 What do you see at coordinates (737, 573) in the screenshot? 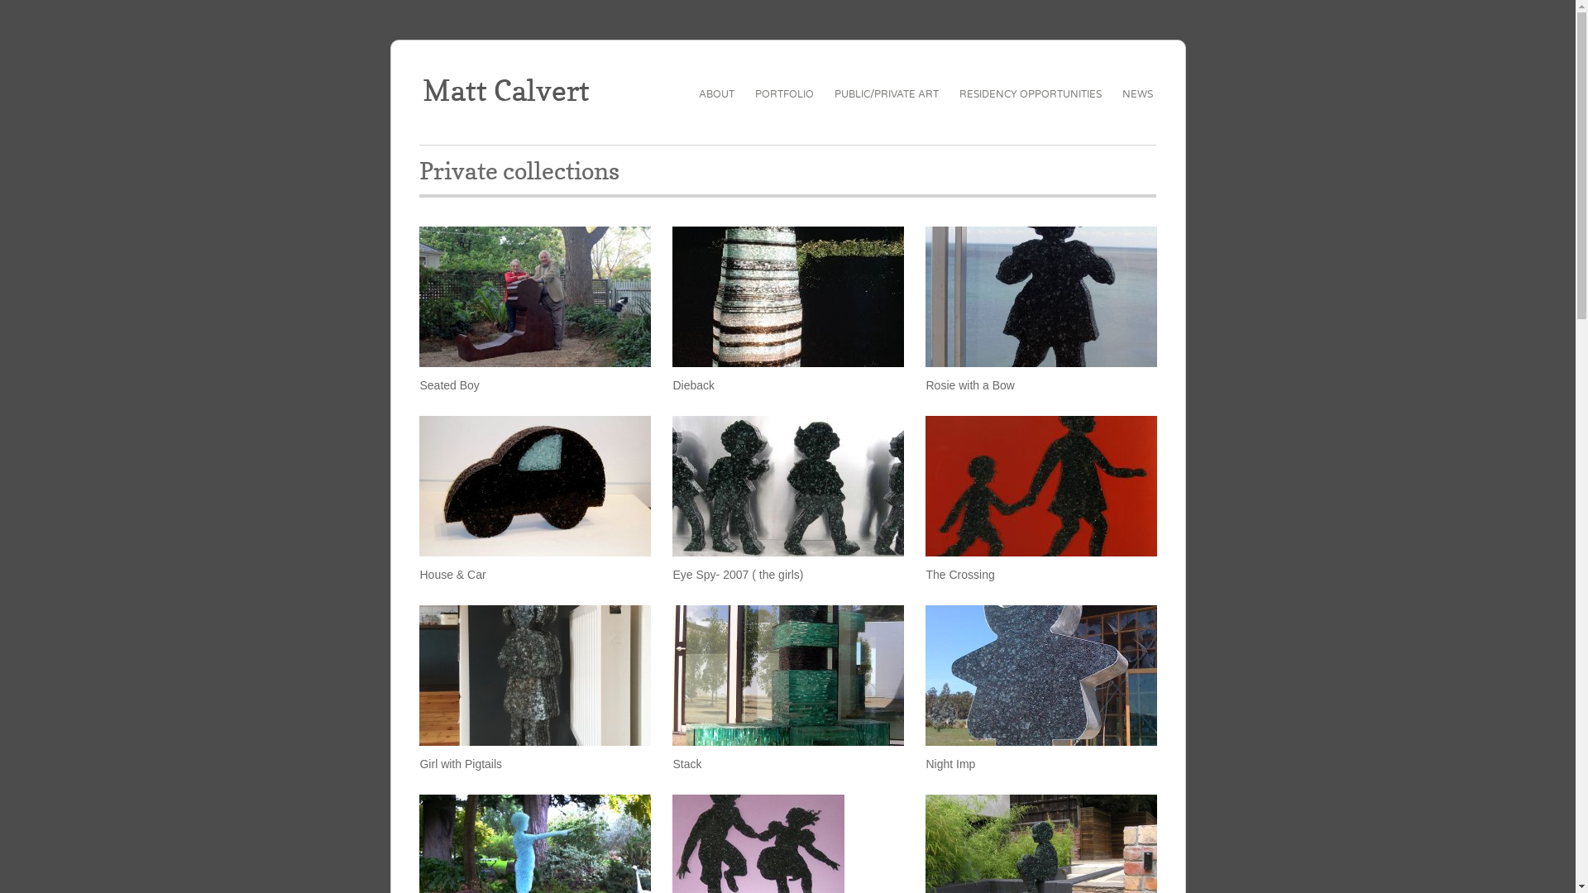
I see `'Eye Spy- 2007 ( the girls)'` at bounding box center [737, 573].